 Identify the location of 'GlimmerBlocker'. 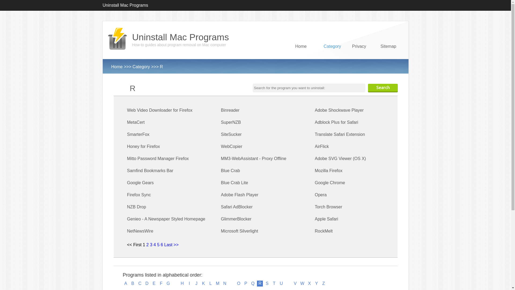
(221, 219).